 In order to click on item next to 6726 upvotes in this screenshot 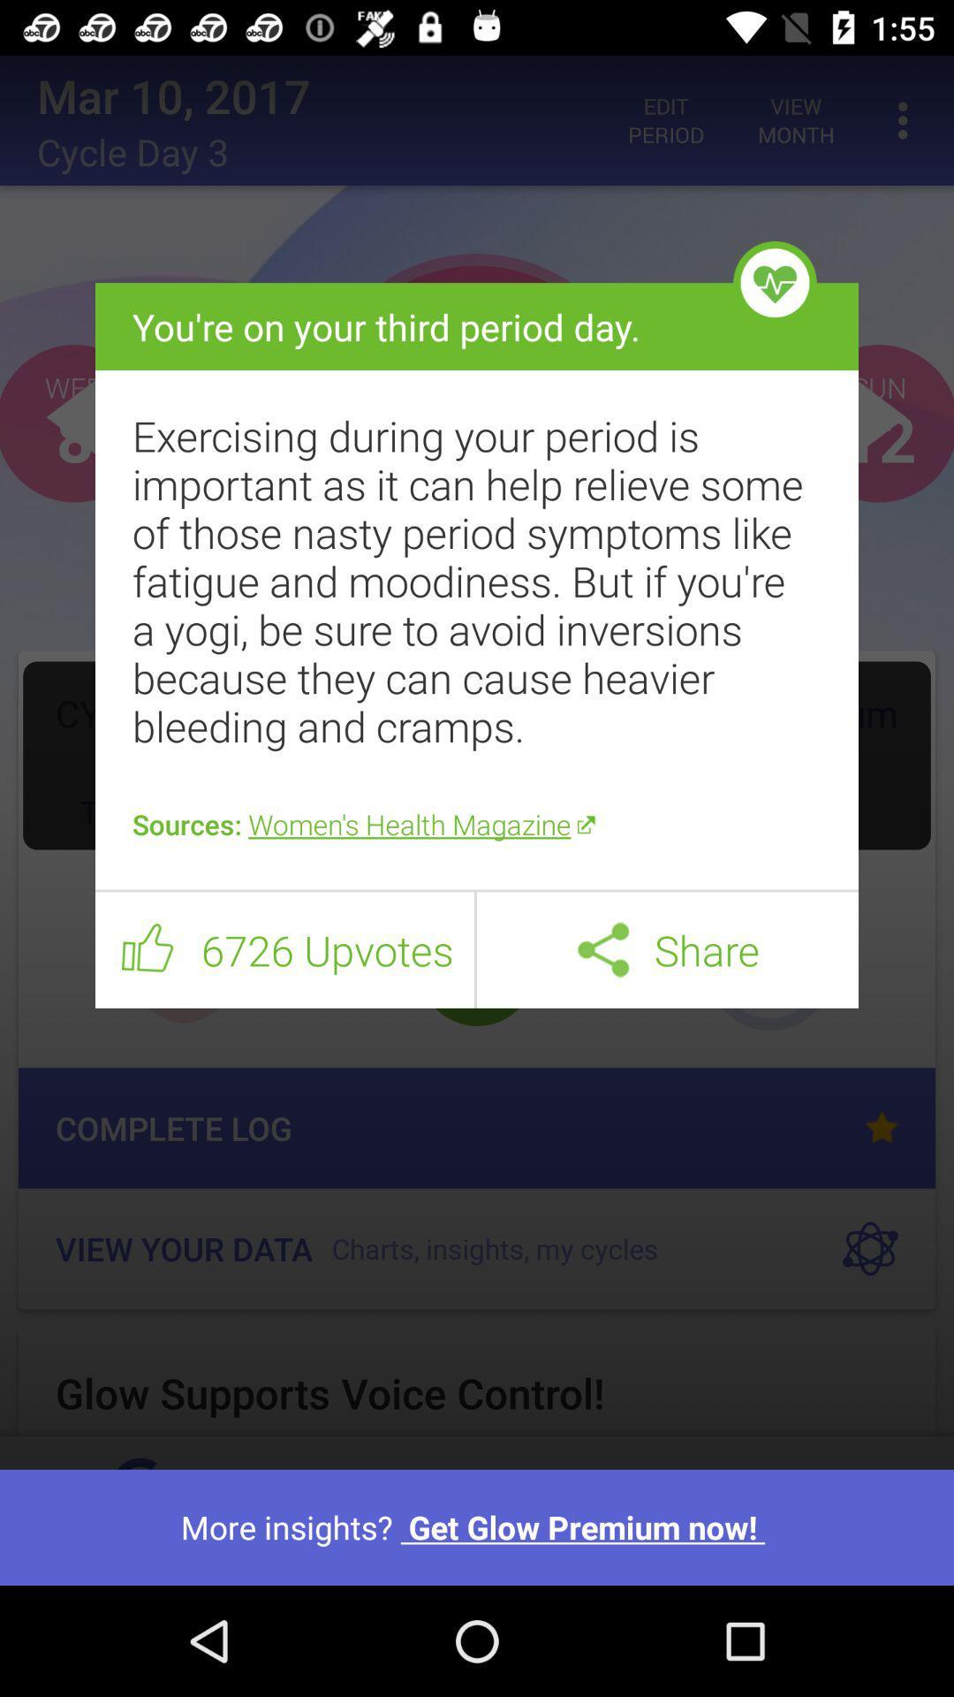, I will do `click(147, 949)`.